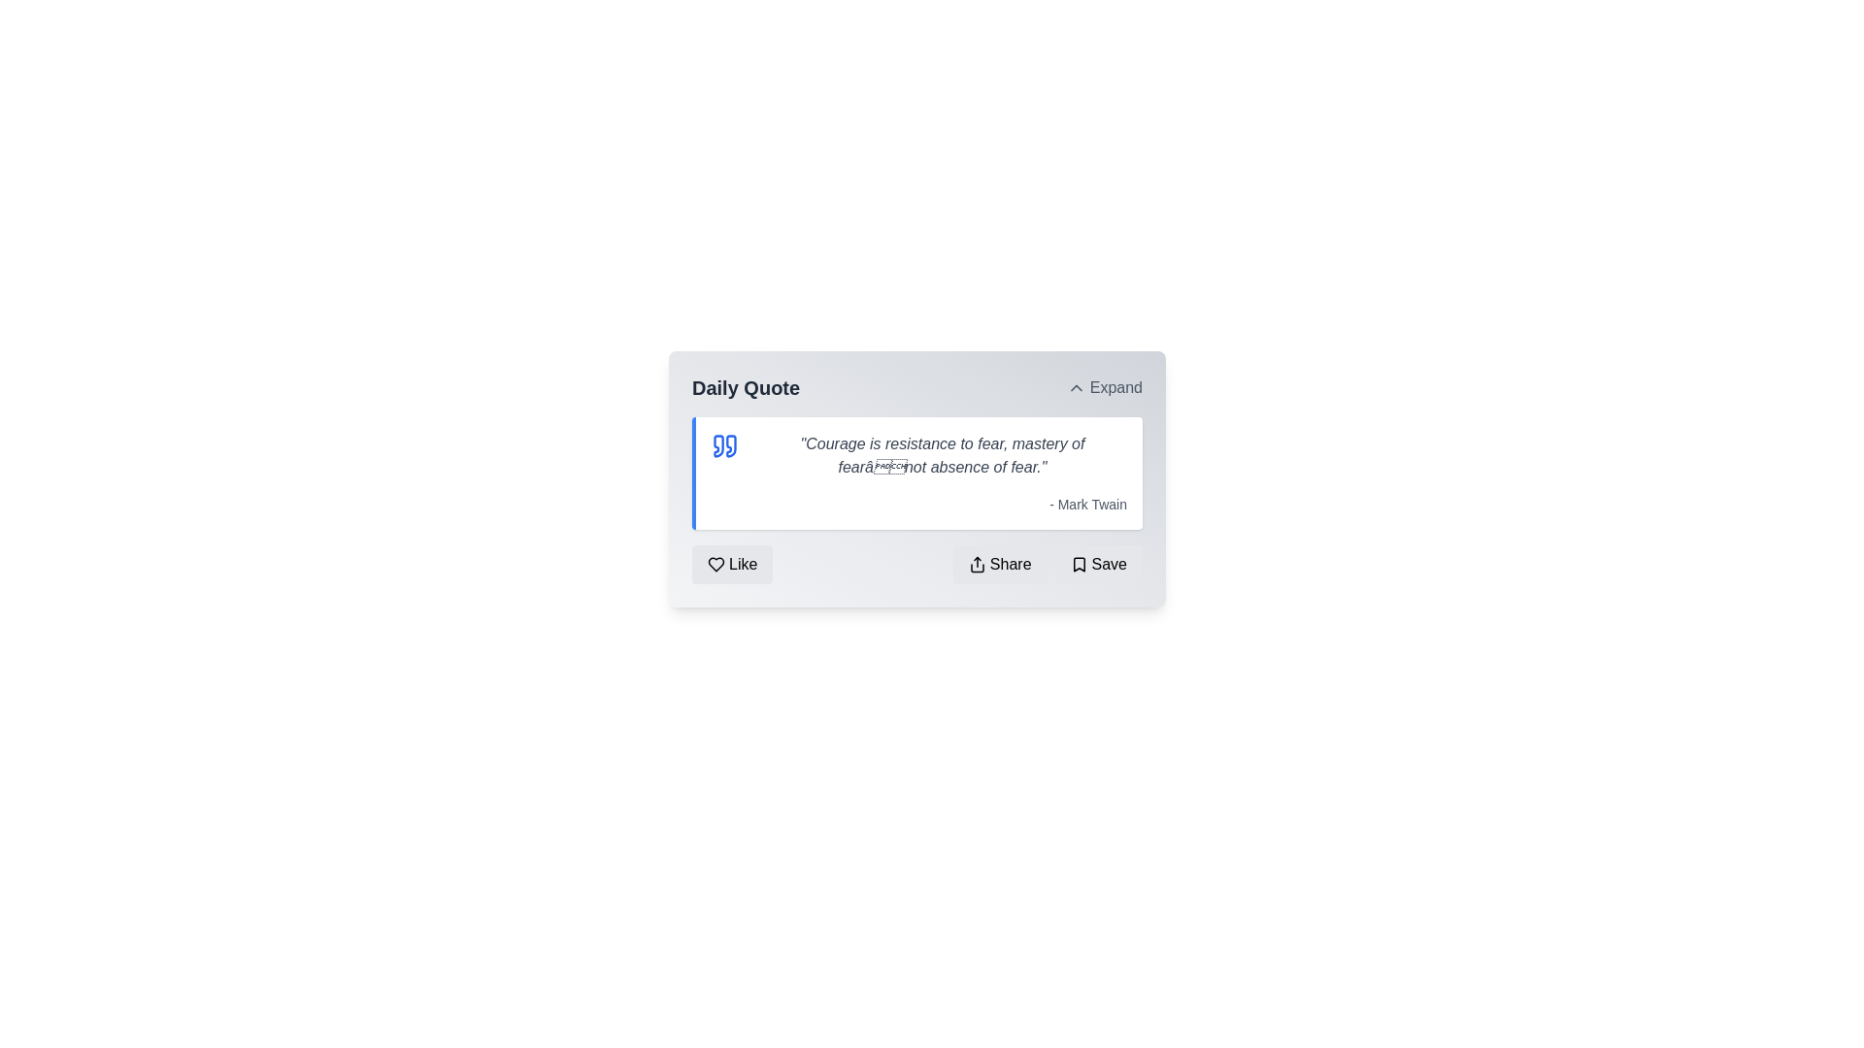 Image resolution: width=1864 pixels, height=1048 pixels. What do you see at coordinates (717, 445) in the screenshot?
I see `the left decorative quotation icon located at the top-left corner of the 'Daily Quote' card` at bounding box center [717, 445].